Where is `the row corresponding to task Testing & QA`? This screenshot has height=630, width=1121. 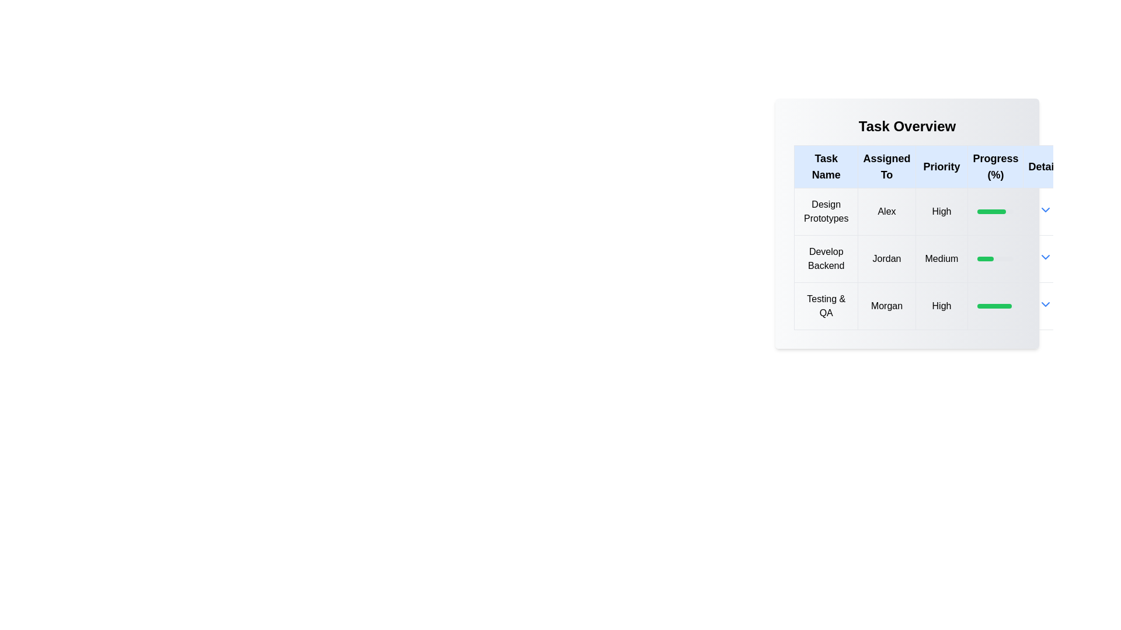
the row corresponding to task Testing & QA is located at coordinates (930, 305).